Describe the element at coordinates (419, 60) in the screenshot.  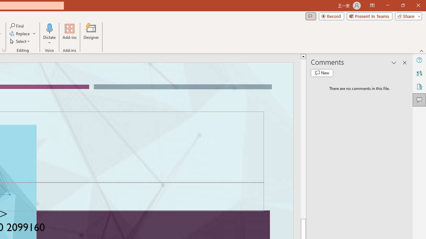
I see `'Help'` at that location.